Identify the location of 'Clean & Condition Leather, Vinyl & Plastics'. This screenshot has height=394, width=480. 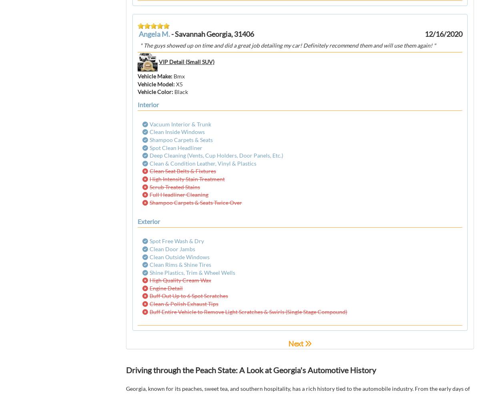
(202, 162).